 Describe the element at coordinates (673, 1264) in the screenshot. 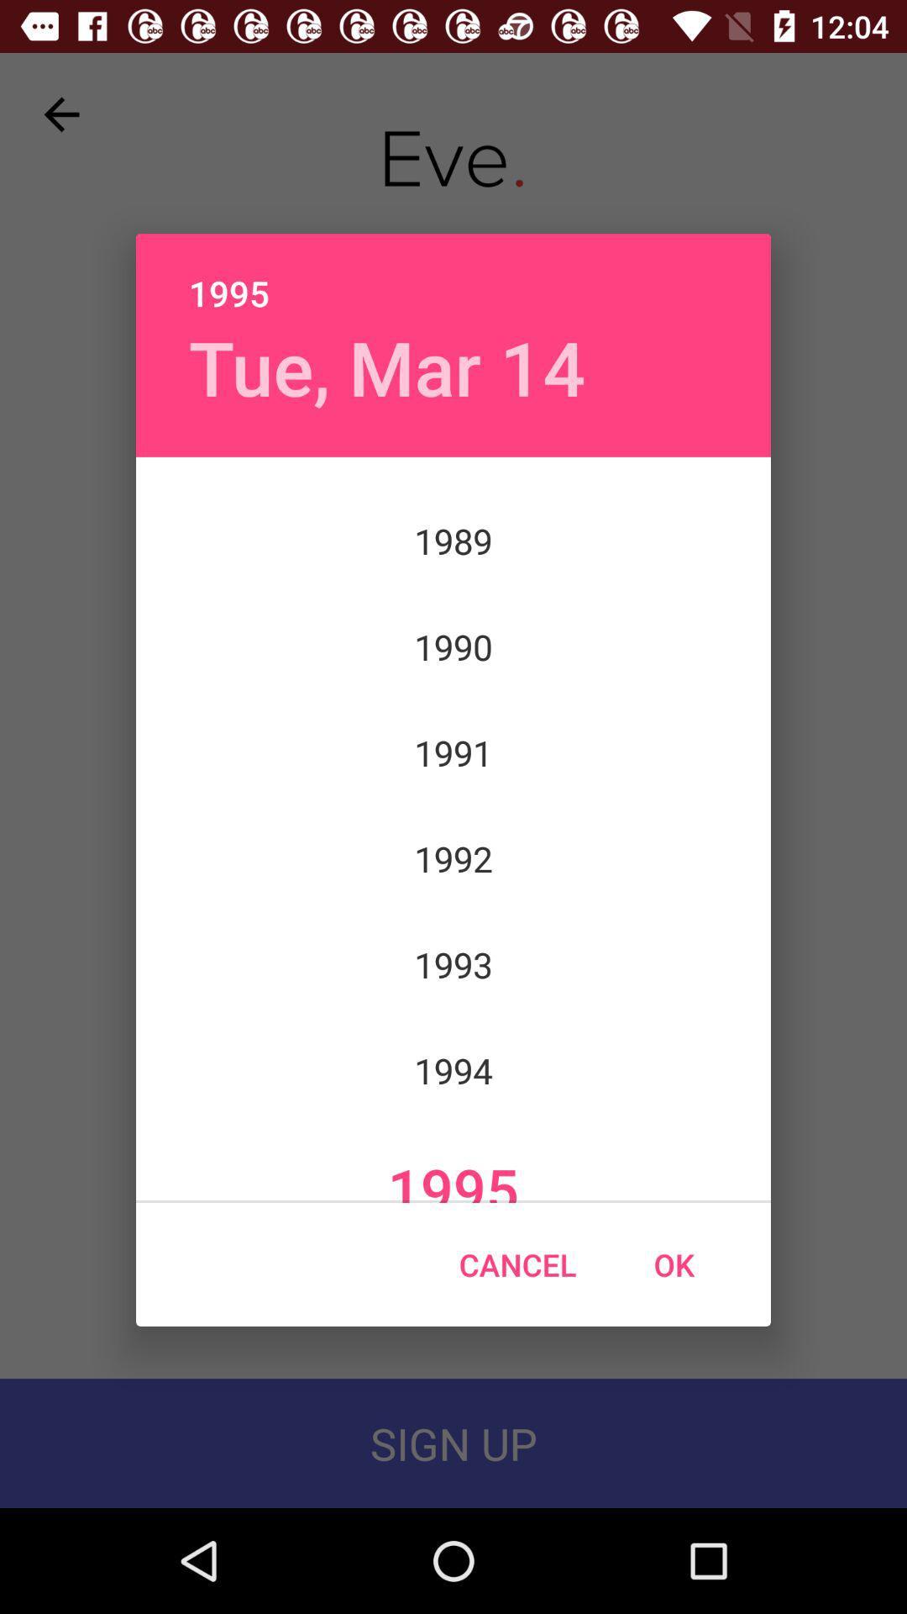

I see `icon below 1995 item` at that location.